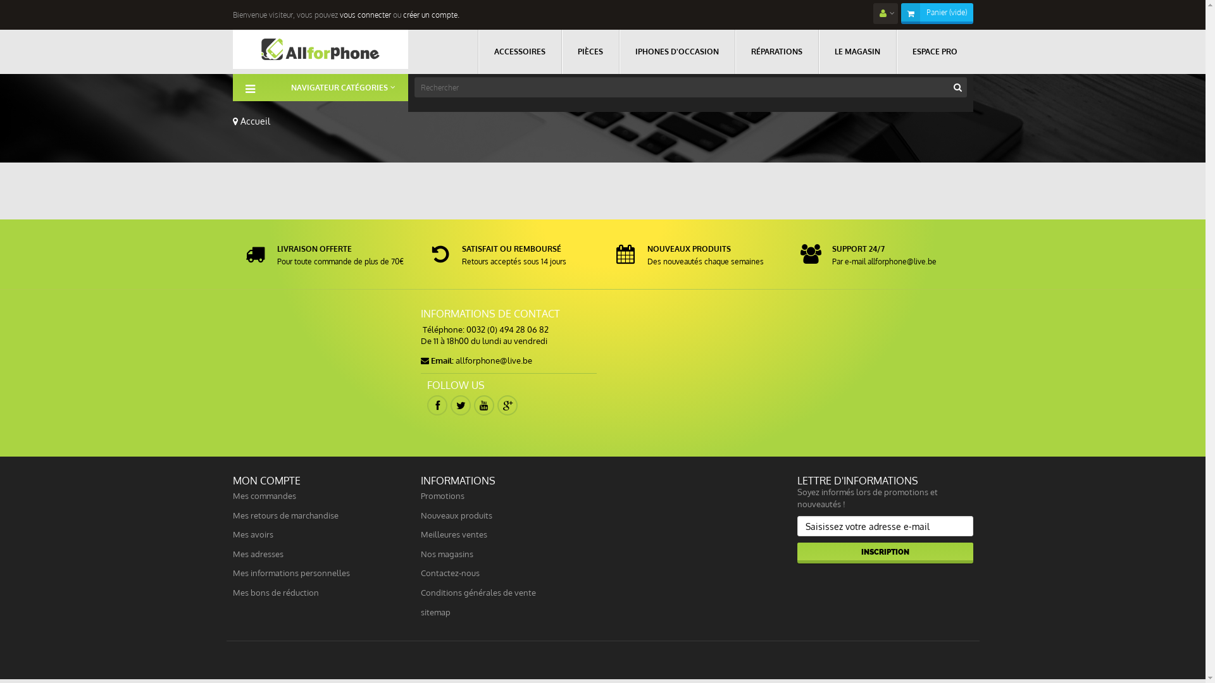 This screenshot has width=1215, height=683. Describe the element at coordinates (454, 534) in the screenshot. I see `'Meilleures ventes'` at that location.